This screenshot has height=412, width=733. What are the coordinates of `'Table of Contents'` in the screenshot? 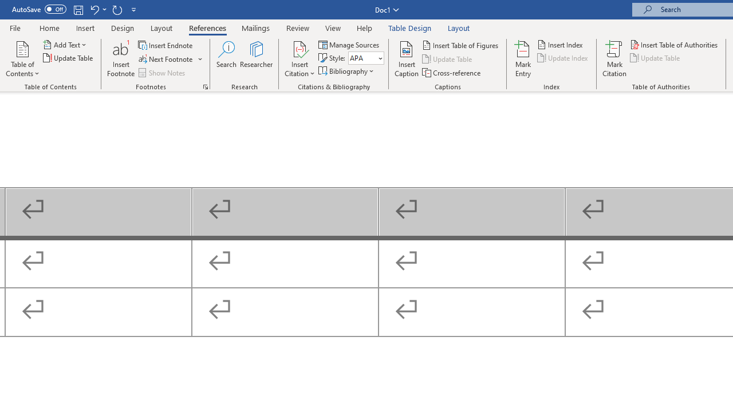 It's located at (22, 59).